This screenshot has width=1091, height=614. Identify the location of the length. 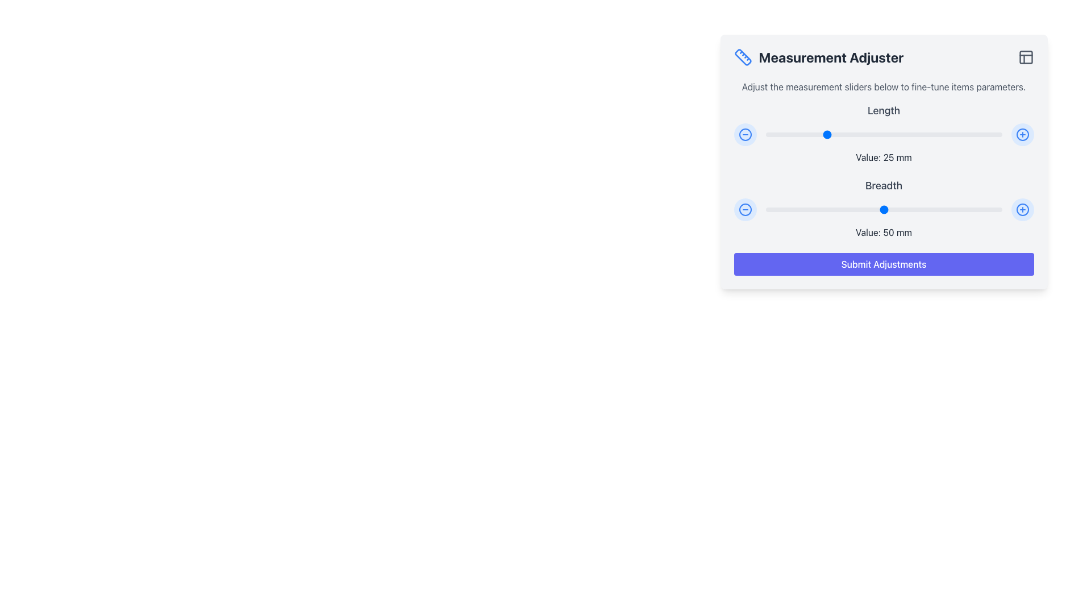
(989, 134).